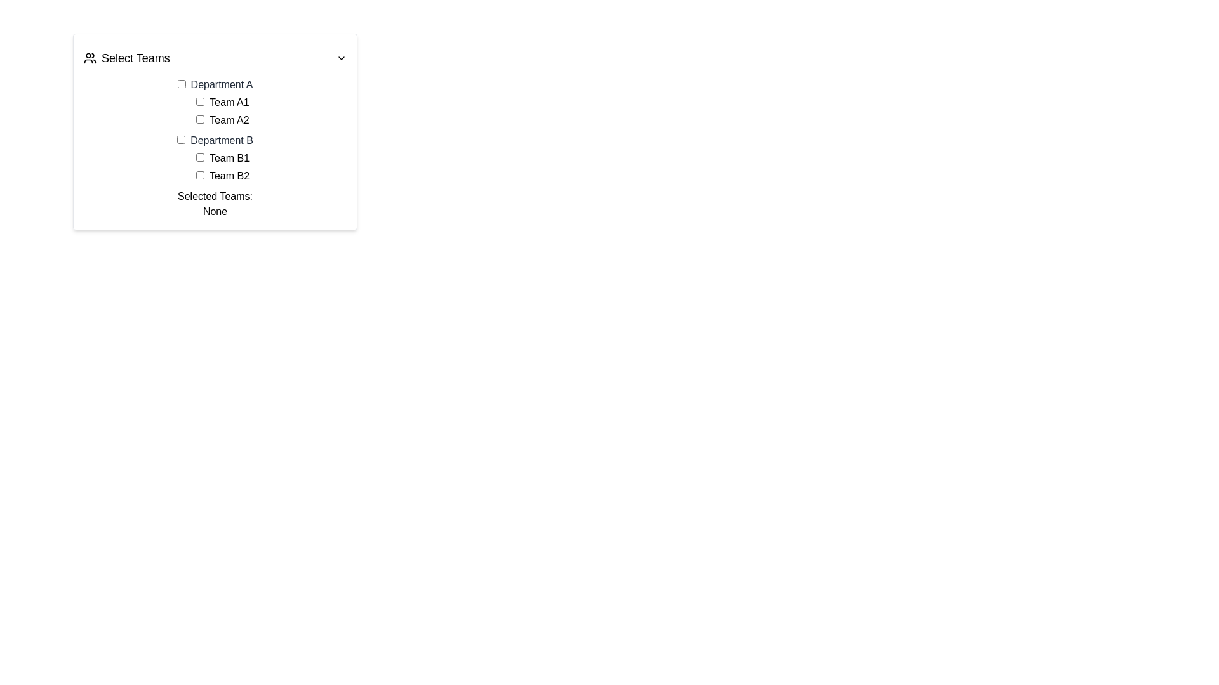  I want to click on the 'Department A' text label, which serves as a label for the checkbox representing the first department in the 'Select Teams' dropdown, so click(215, 85).